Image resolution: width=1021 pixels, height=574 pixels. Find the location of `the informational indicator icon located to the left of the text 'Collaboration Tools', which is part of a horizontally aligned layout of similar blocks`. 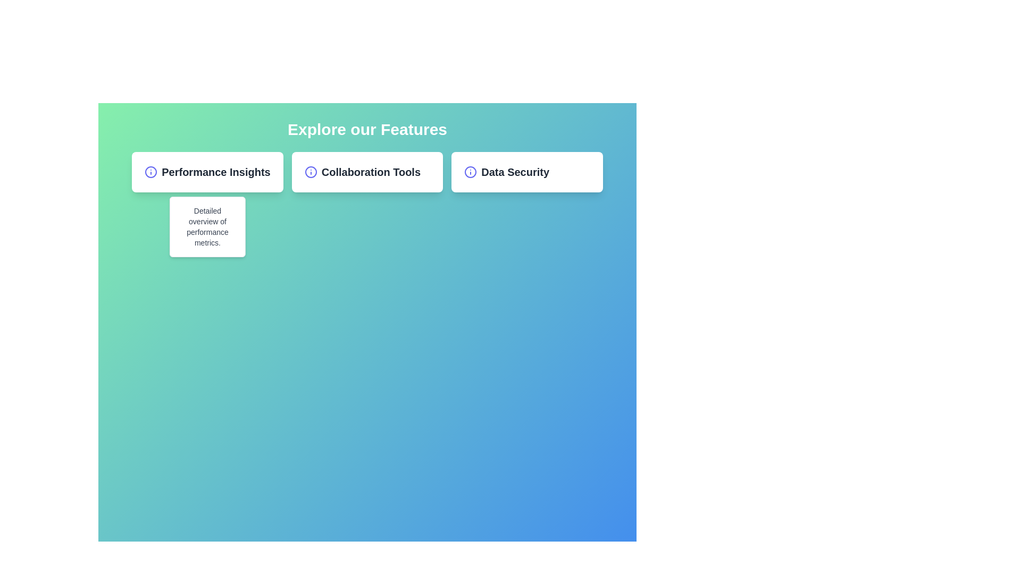

the informational indicator icon located to the left of the text 'Collaboration Tools', which is part of a horizontally aligned layout of similar blocks is located at coordinates (310, 172).